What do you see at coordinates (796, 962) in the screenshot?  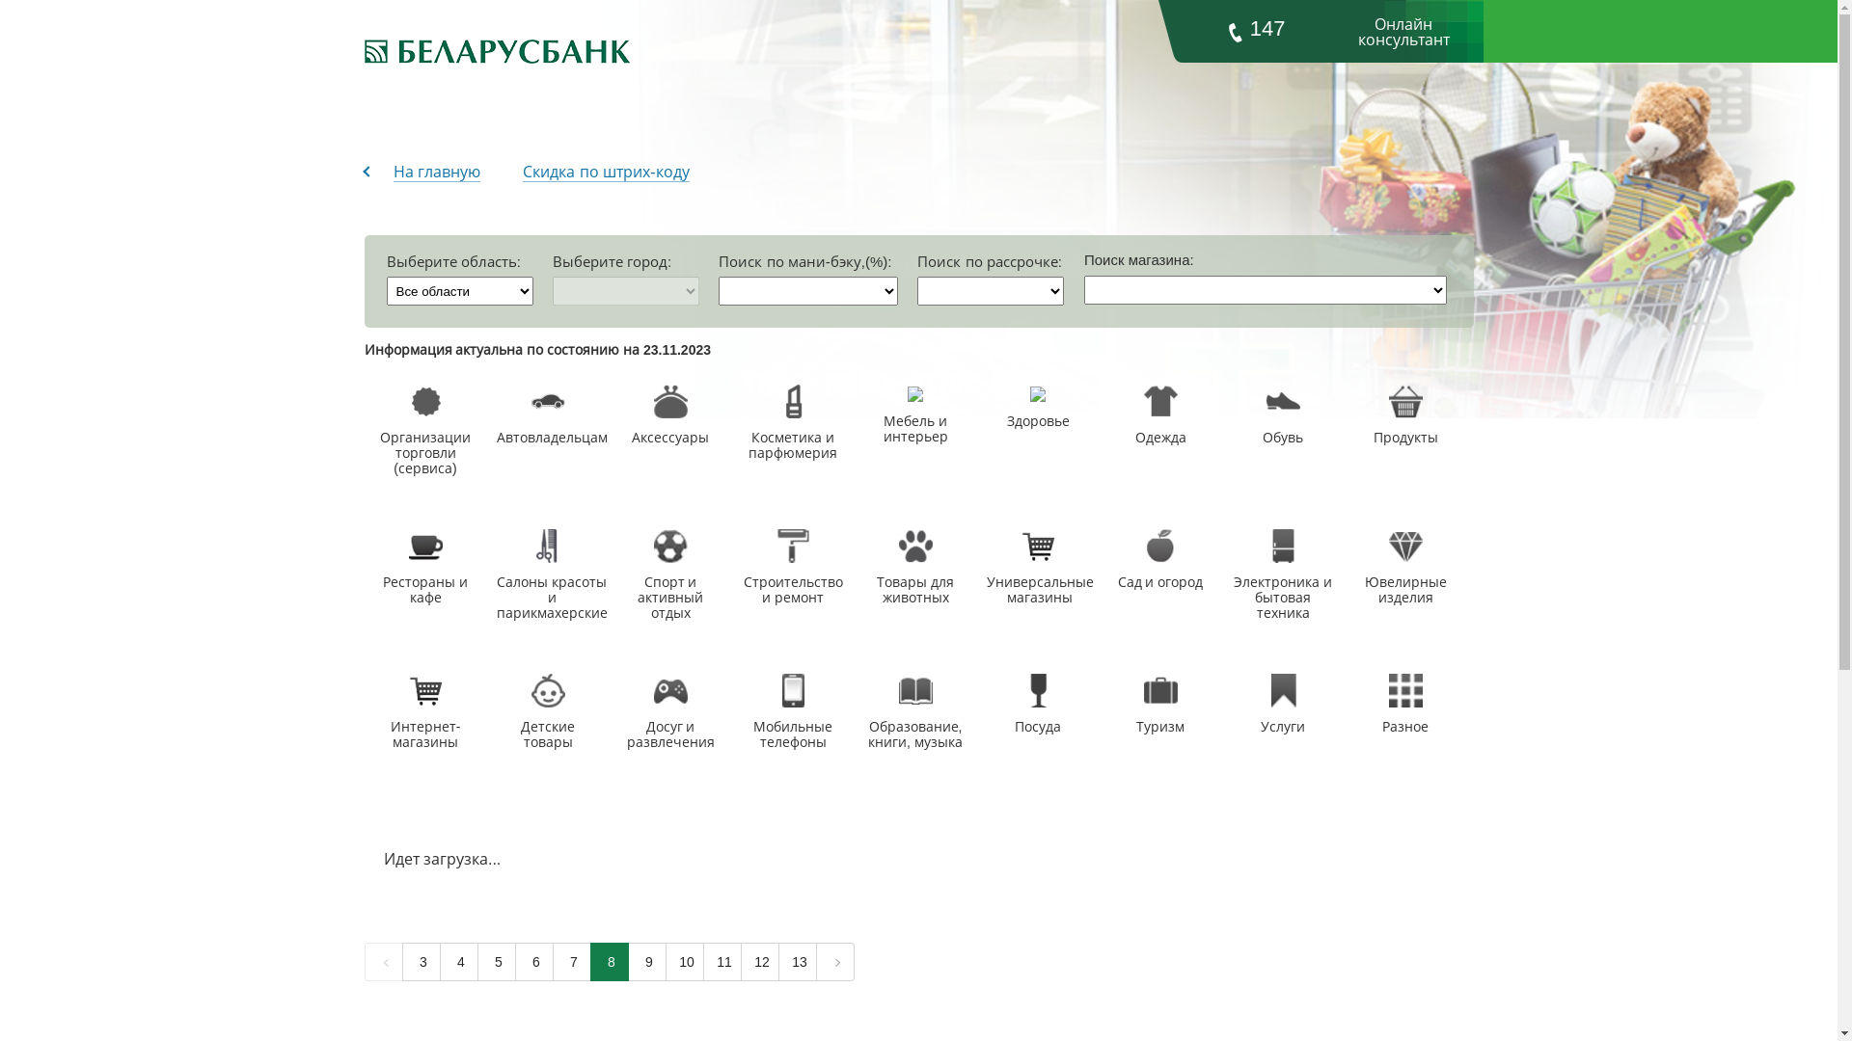 I see `'13'` at bounding box center [796, 962].